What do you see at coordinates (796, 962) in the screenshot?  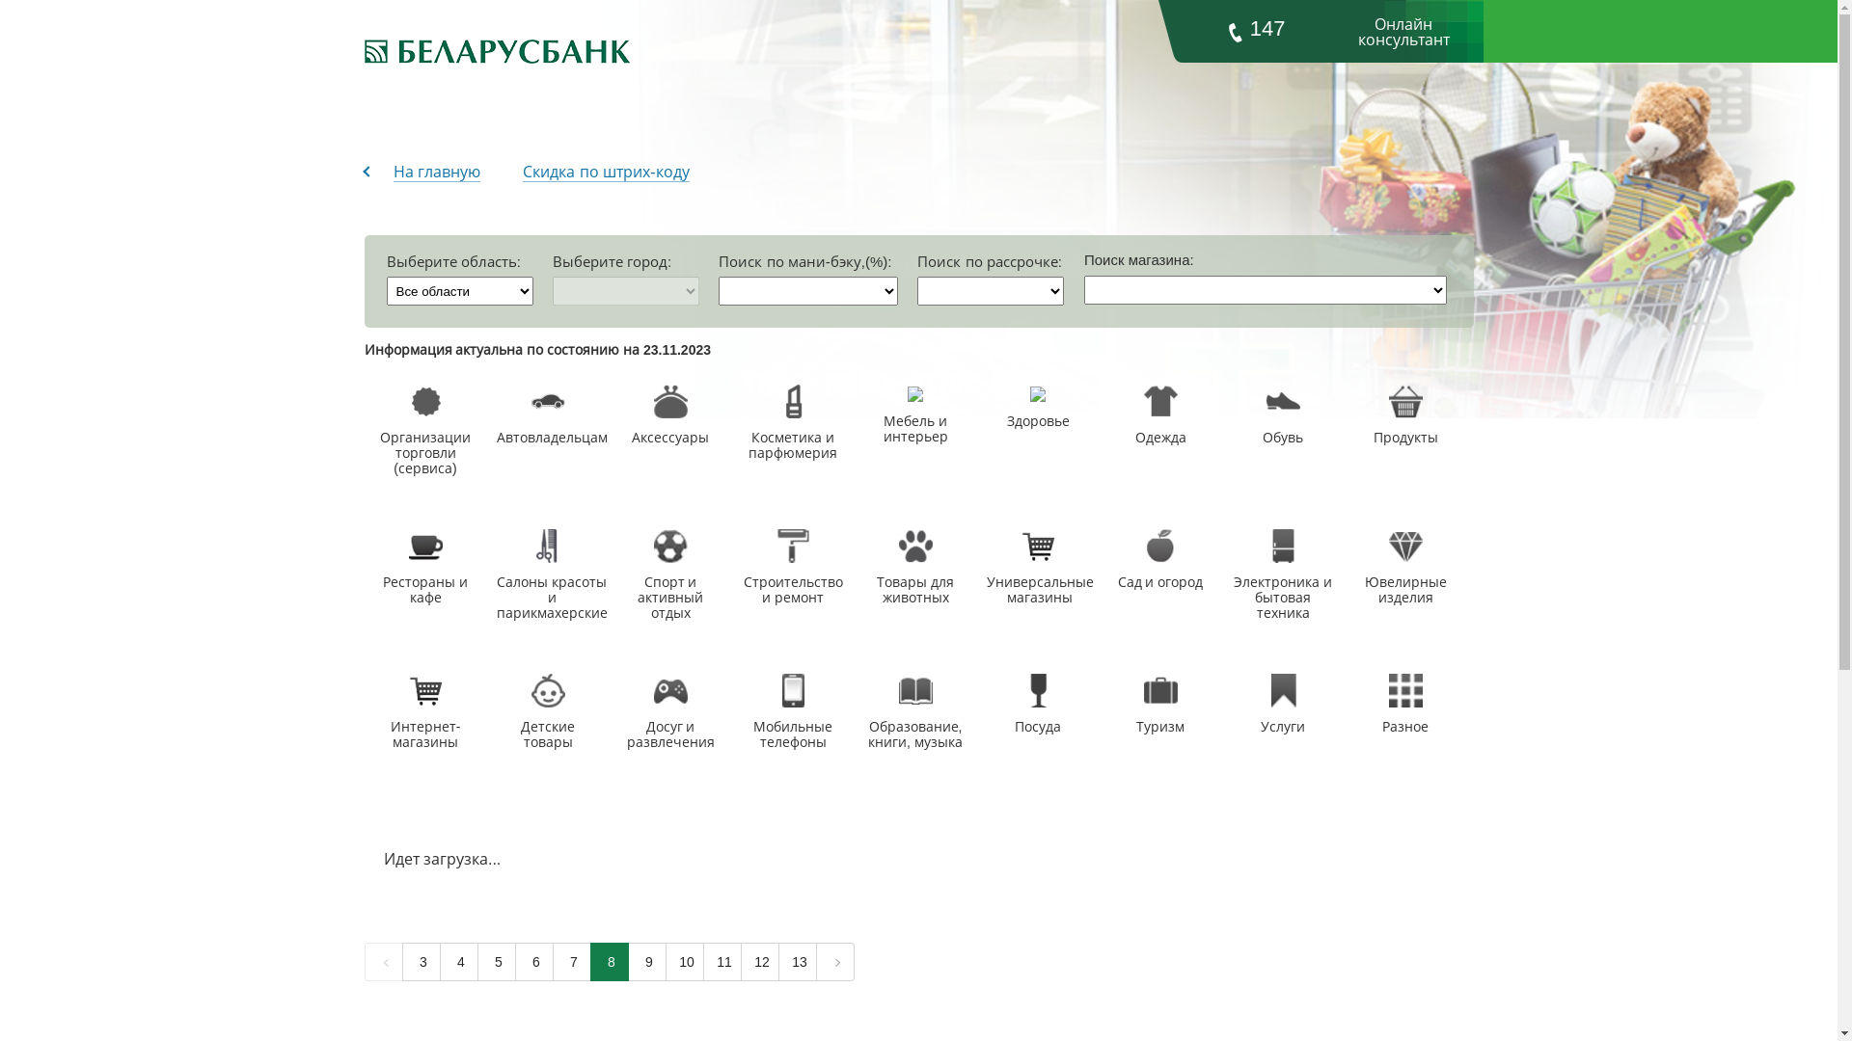 I see `'13'` at bounding box center [796, 962].